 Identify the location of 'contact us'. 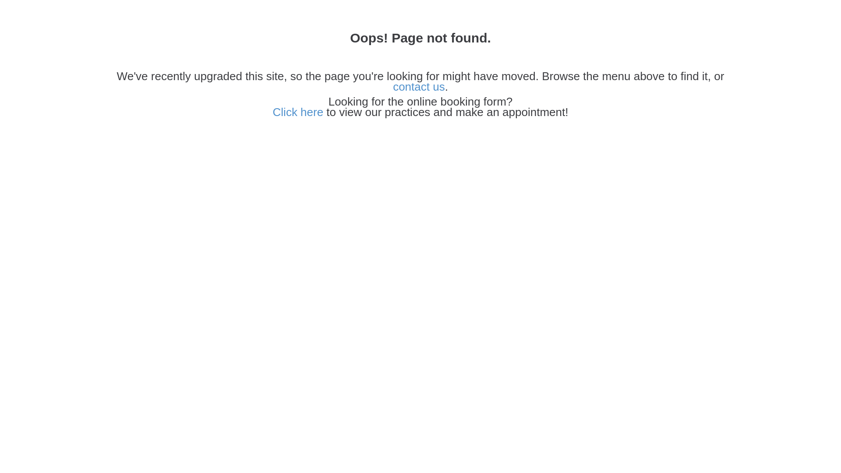
(418, 86).